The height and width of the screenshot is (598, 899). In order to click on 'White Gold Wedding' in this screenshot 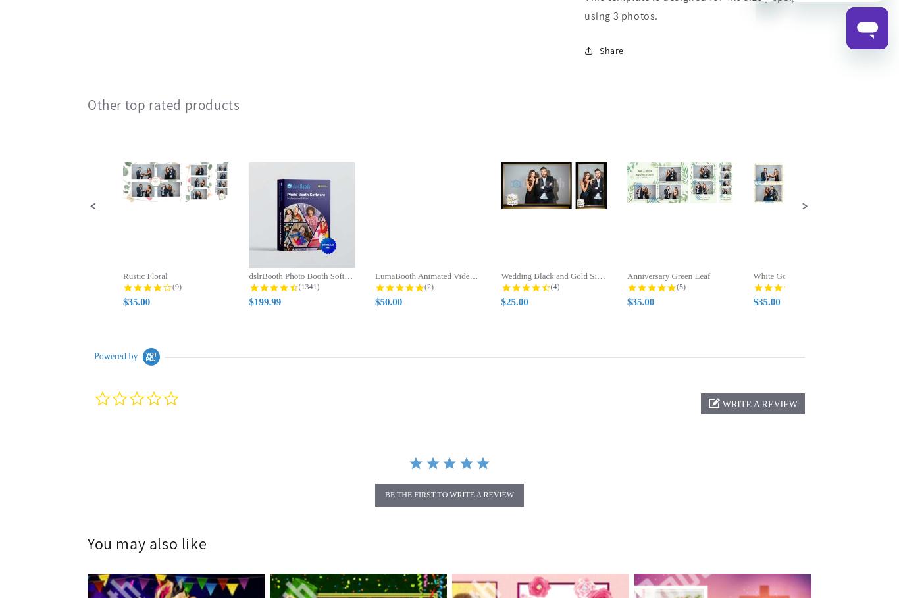, I will do `click(753, 276)`.